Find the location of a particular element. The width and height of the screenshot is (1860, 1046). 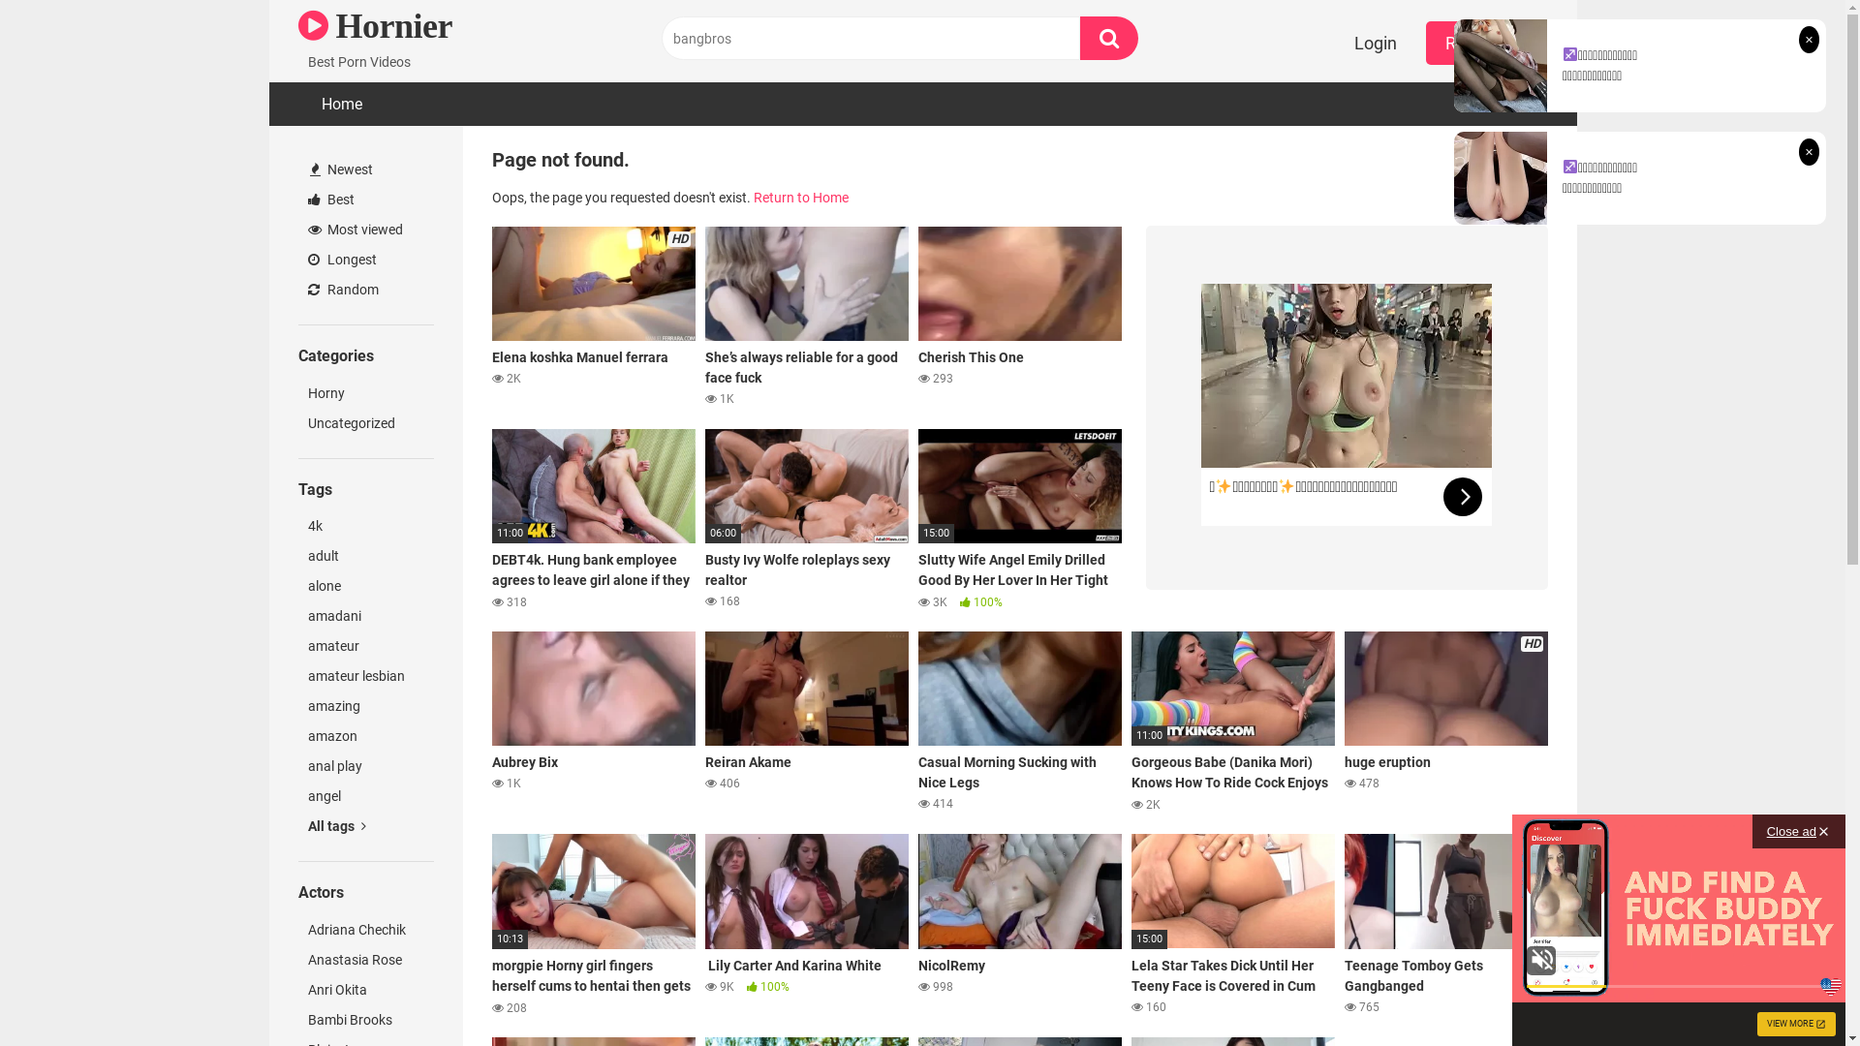

'Cherish This One is located at coordinates (1018, 316).